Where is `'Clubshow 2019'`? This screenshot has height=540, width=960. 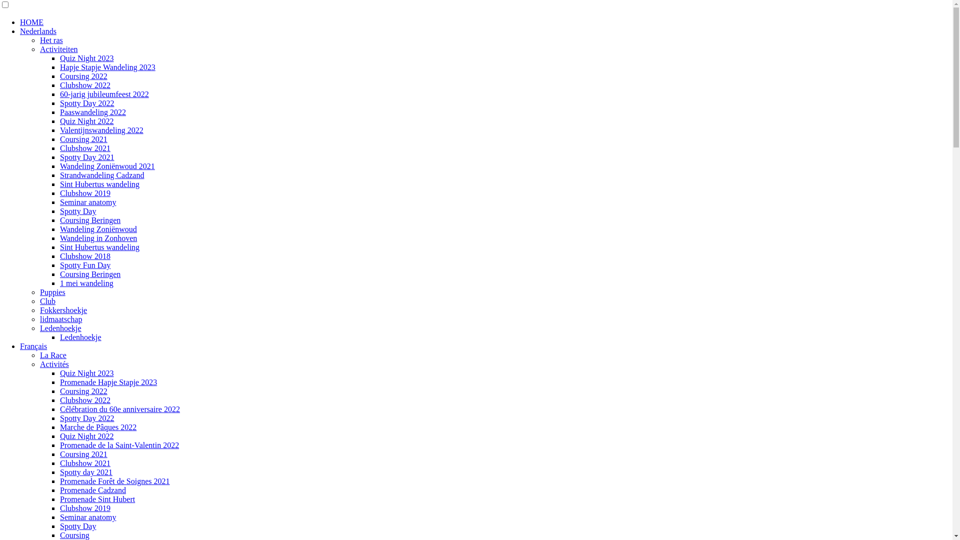 'Clubshow 2019' is located at coordinates (85, 508).